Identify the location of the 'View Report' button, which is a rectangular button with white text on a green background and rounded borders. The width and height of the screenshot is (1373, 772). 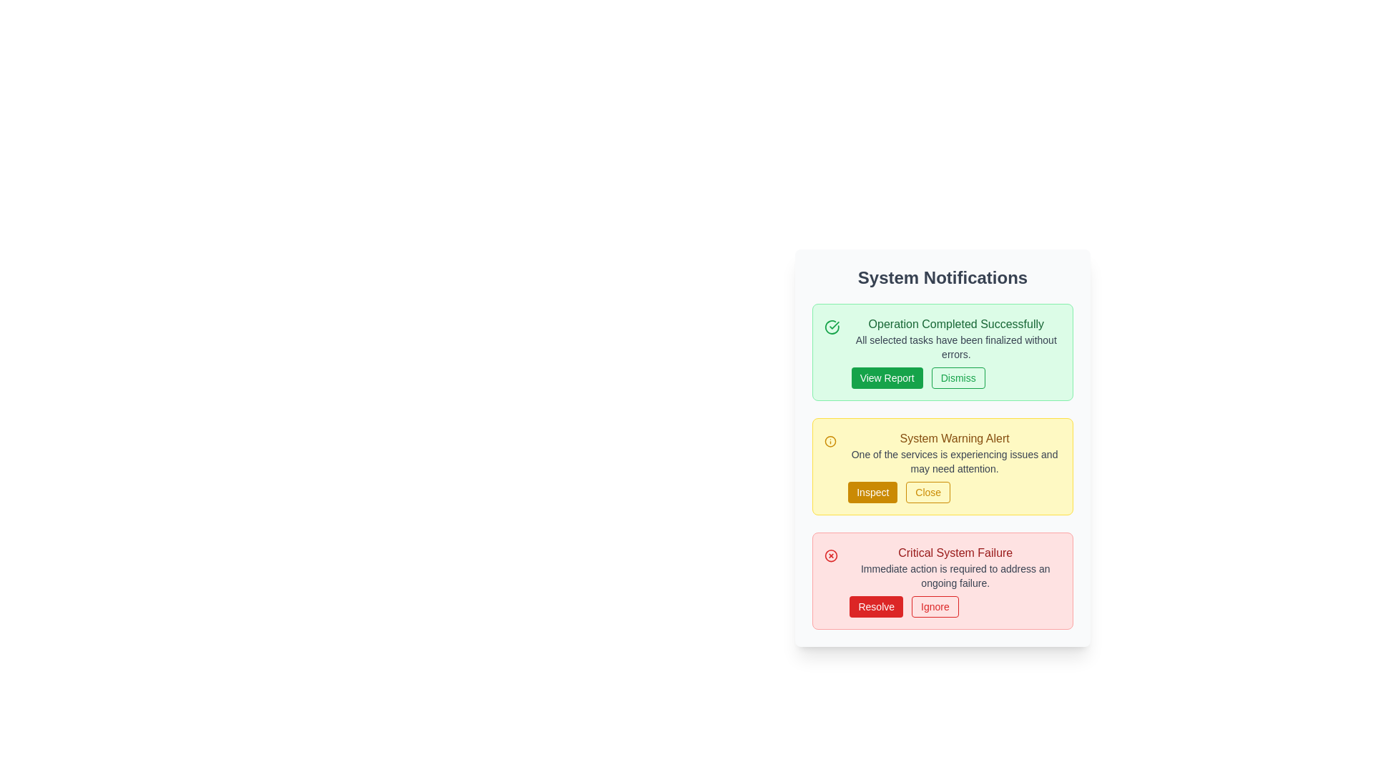
(886, 377).